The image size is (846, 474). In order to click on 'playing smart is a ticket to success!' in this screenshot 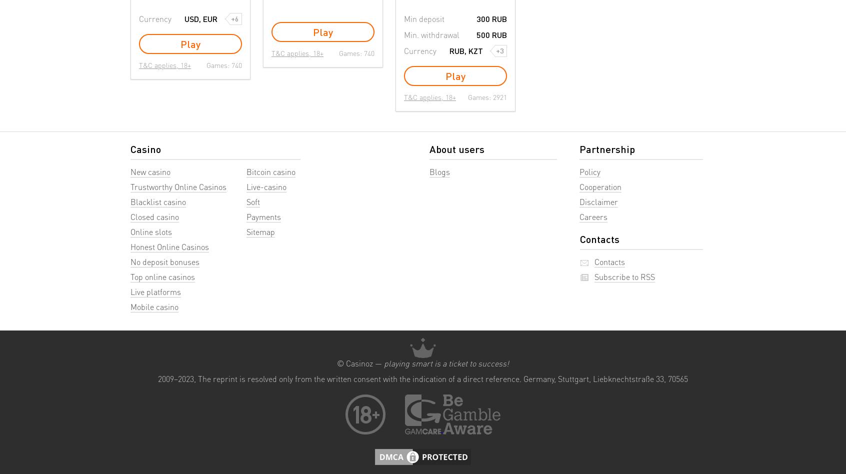, I will do `click(446, 362)`.